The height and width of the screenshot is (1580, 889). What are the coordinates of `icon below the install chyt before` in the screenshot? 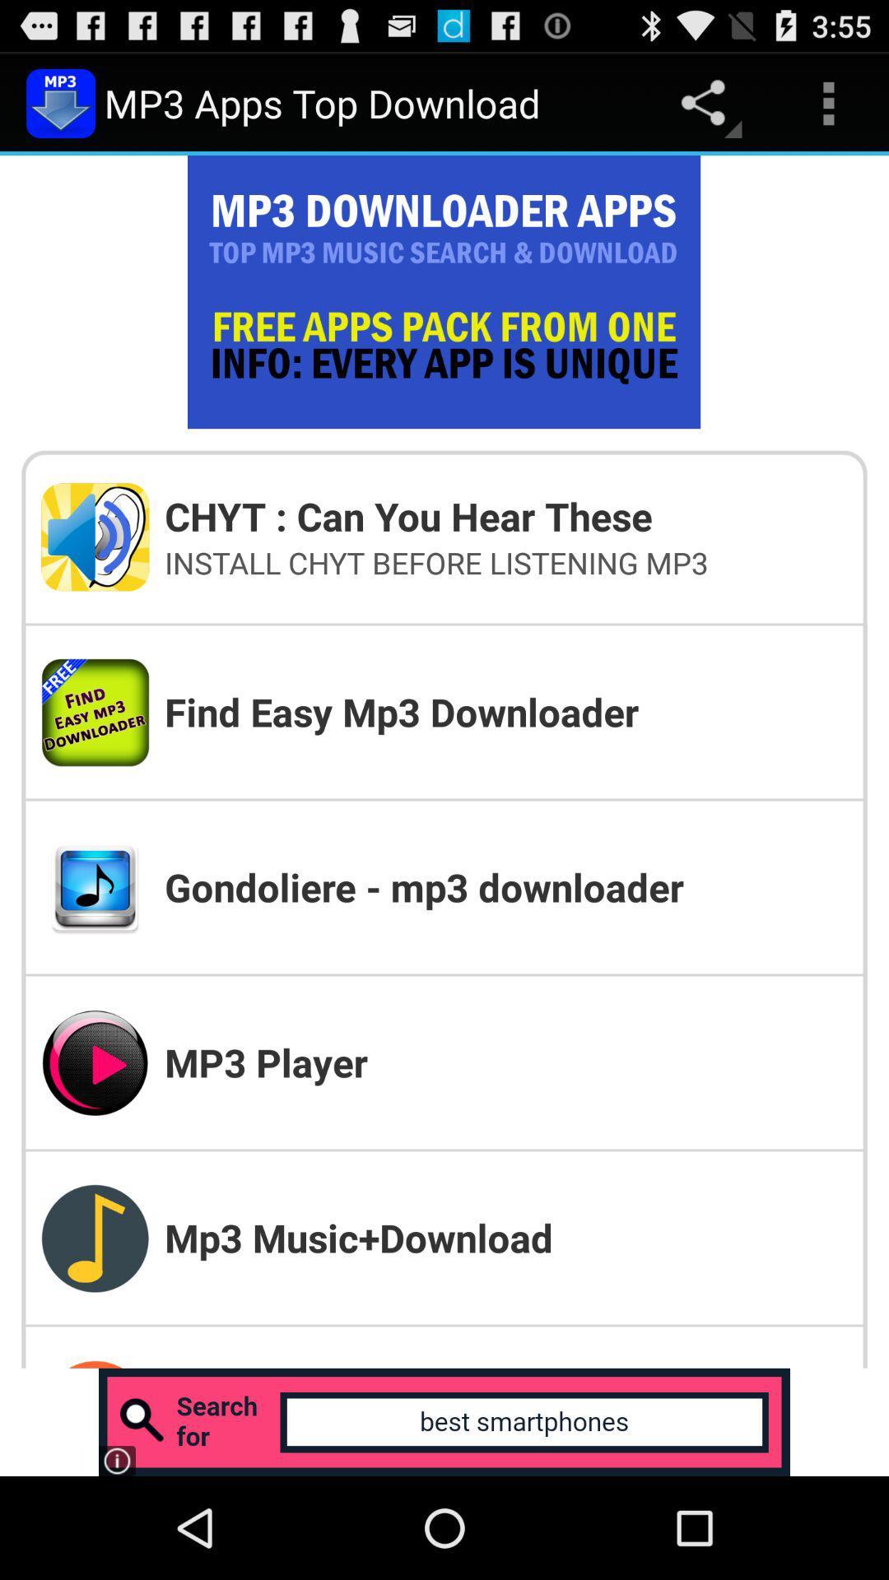 It's located at (505, 712).